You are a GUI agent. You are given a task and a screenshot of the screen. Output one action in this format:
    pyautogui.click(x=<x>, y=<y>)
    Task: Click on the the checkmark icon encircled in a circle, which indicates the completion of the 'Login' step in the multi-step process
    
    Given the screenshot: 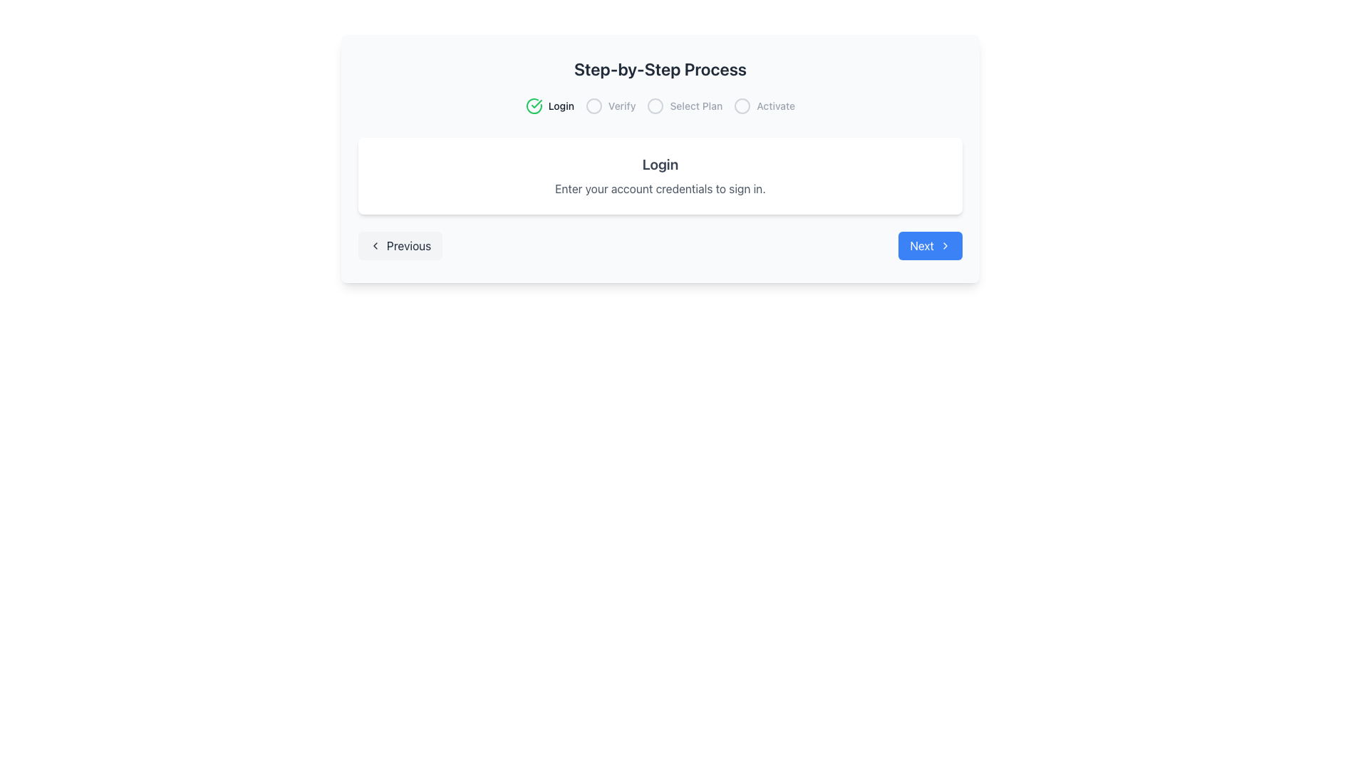 What is the action you would take?
    pyautogui.click(x=533, y=106)
    